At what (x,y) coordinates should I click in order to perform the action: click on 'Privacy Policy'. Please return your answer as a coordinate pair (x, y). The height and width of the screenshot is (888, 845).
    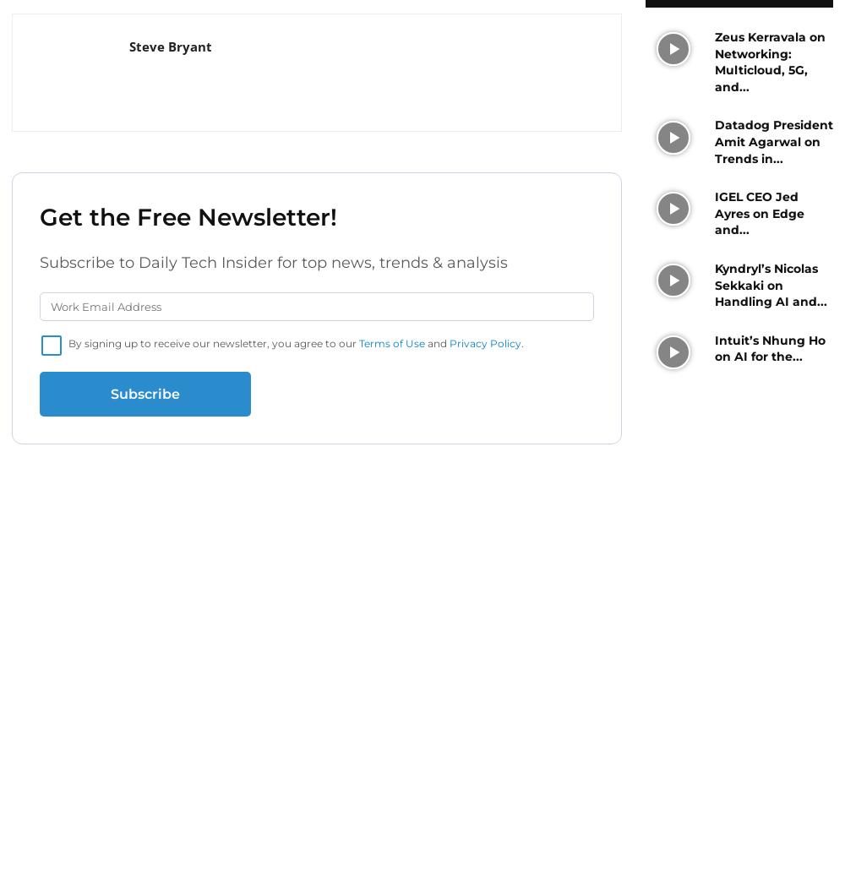
    Looking at the image, I should click on (484, 343).